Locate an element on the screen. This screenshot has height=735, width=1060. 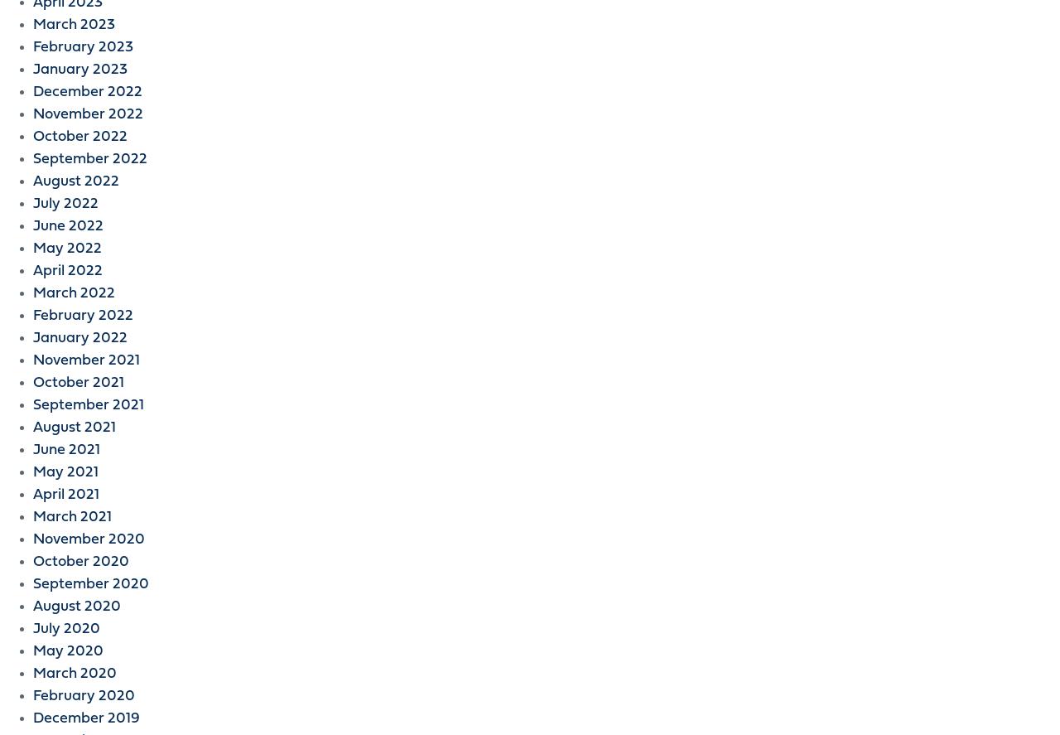
'December 2022' is located at coordinates (32, 92).